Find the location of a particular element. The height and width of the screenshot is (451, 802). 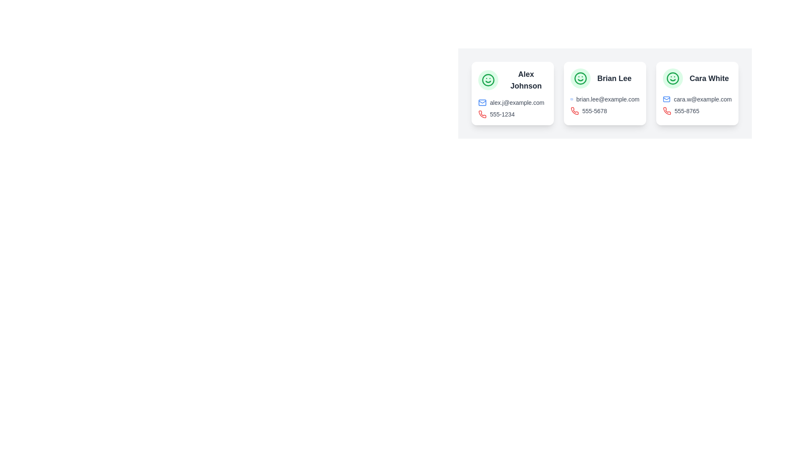

the icon indicating the contact phone number associated with 'Brian Lee' in the second card of the contact cards layout is located at coordinates (574, 111).